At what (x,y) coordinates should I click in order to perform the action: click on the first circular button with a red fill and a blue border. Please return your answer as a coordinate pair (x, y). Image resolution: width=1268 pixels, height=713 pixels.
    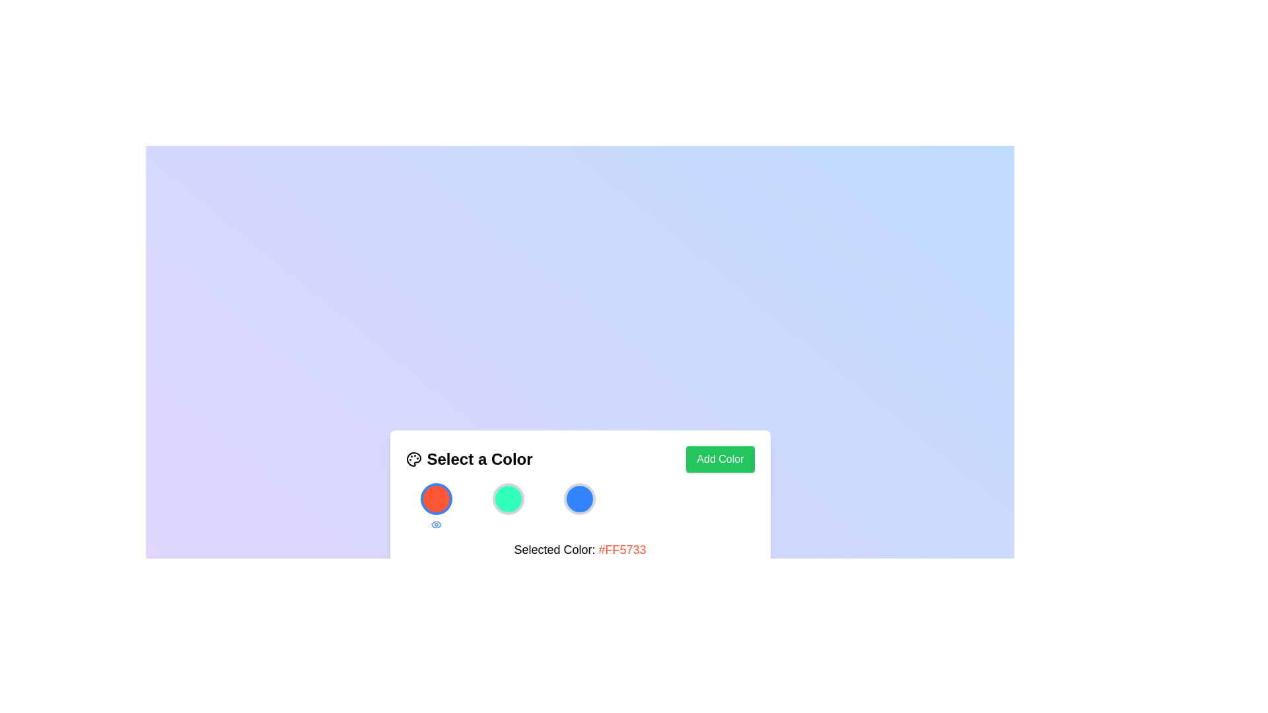
    Looking at the image, I should click on (436, 498).